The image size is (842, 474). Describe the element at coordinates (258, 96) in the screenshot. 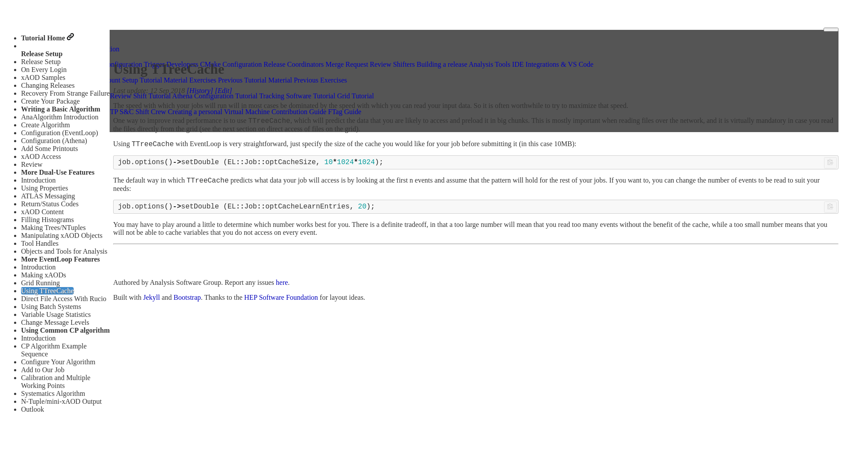

I see `'Tracking Software Tutorial'` at that location.